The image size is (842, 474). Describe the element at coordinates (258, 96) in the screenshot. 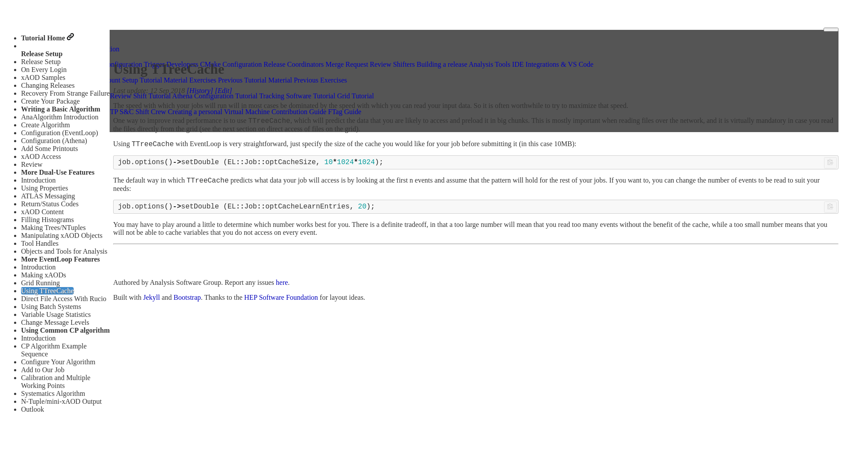

I see `'Tracking Software Tutorial'` at that location.